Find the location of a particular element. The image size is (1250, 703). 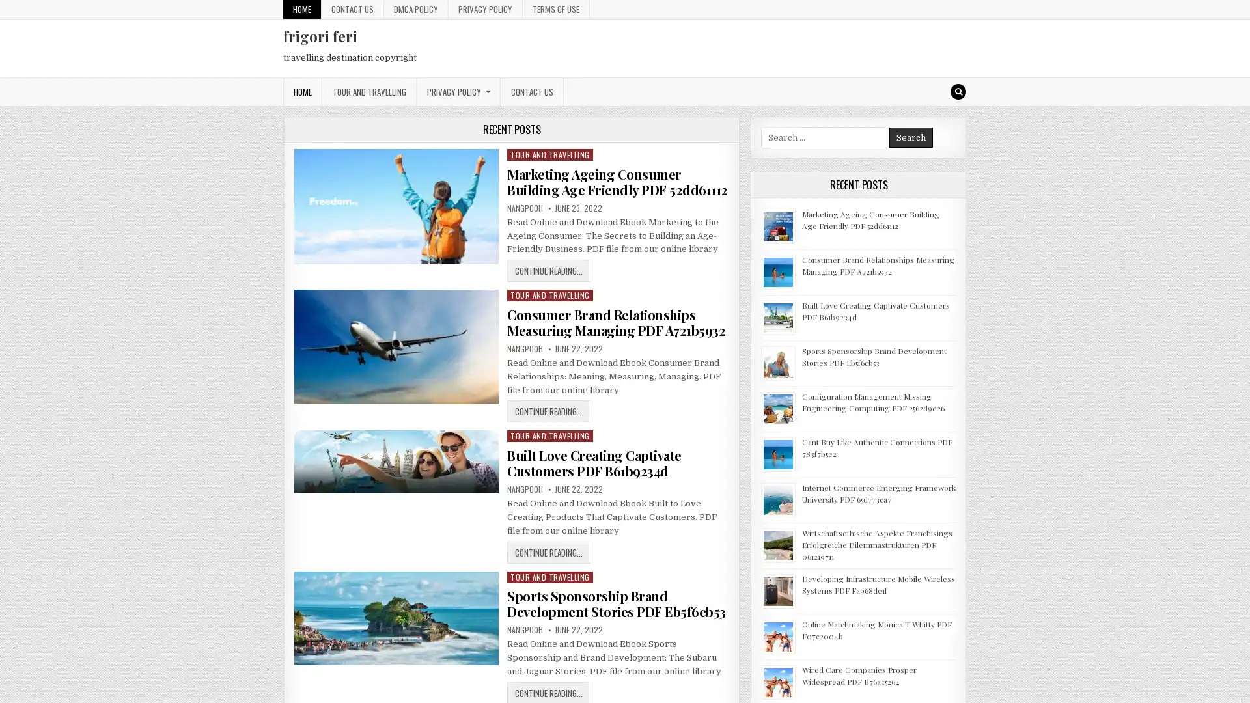

Search is located at coordinates (910, 137).